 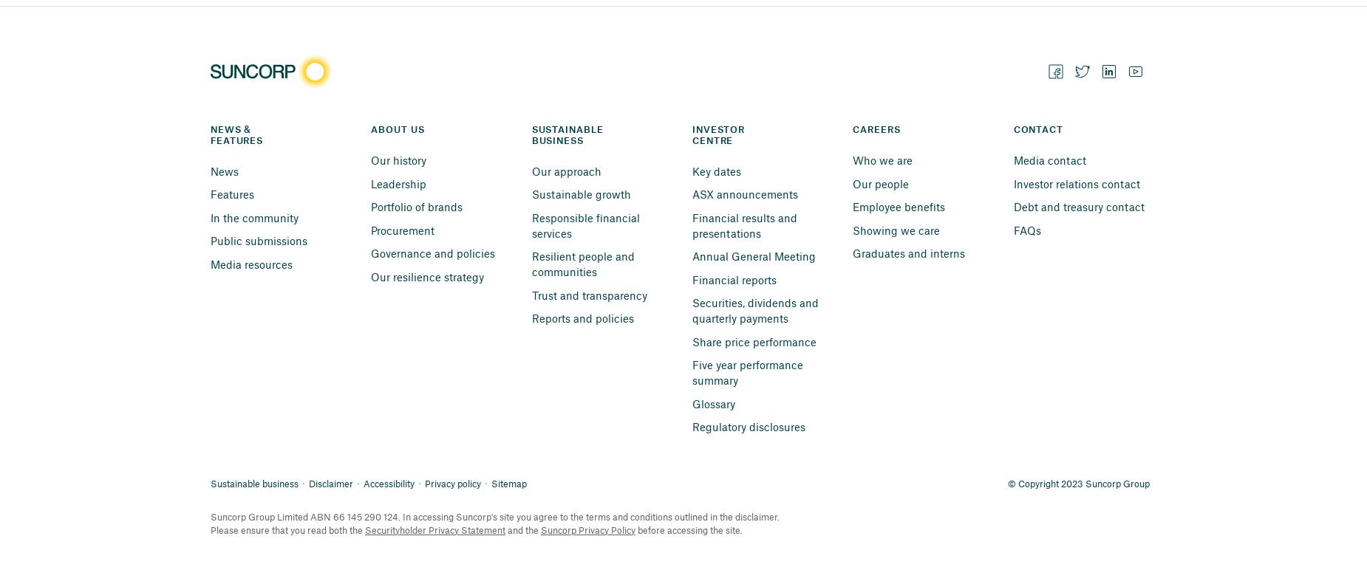 What do you see at coordinates (588, 294) in the screenshot?
I see `'Trust and transparency'` at bounding box center [588, 294].